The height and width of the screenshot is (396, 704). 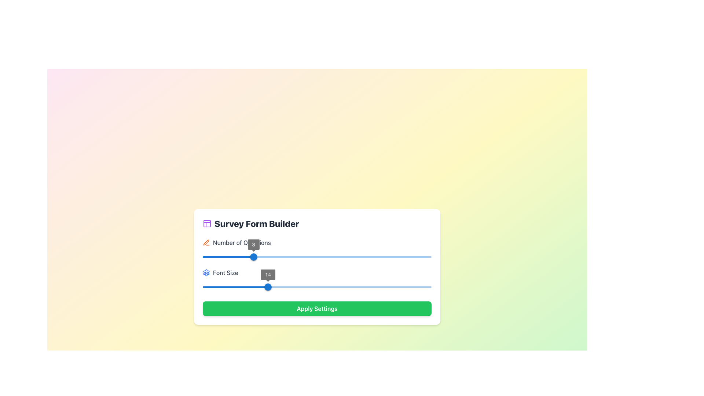 What do you see at coordinates (308, 287) in the screenshot?
I see `font size` at bounding box center [308, 287].